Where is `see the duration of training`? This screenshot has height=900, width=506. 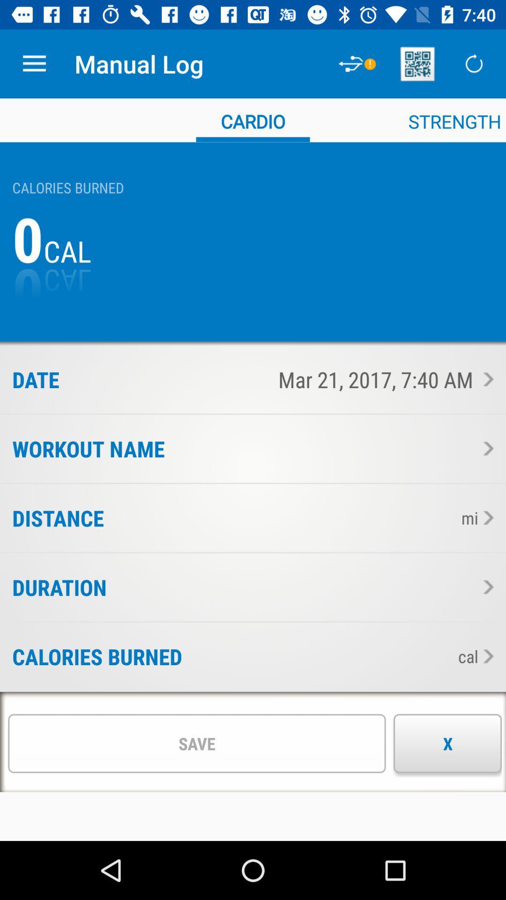 see the duration of training is located at coordinates (485, 586).